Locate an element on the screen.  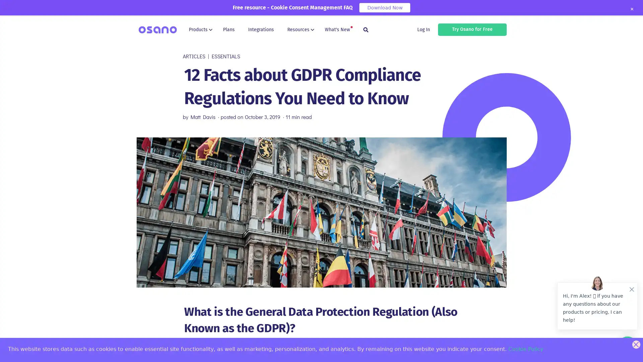
Cookie Preferences is located at coordinates (11, 351).